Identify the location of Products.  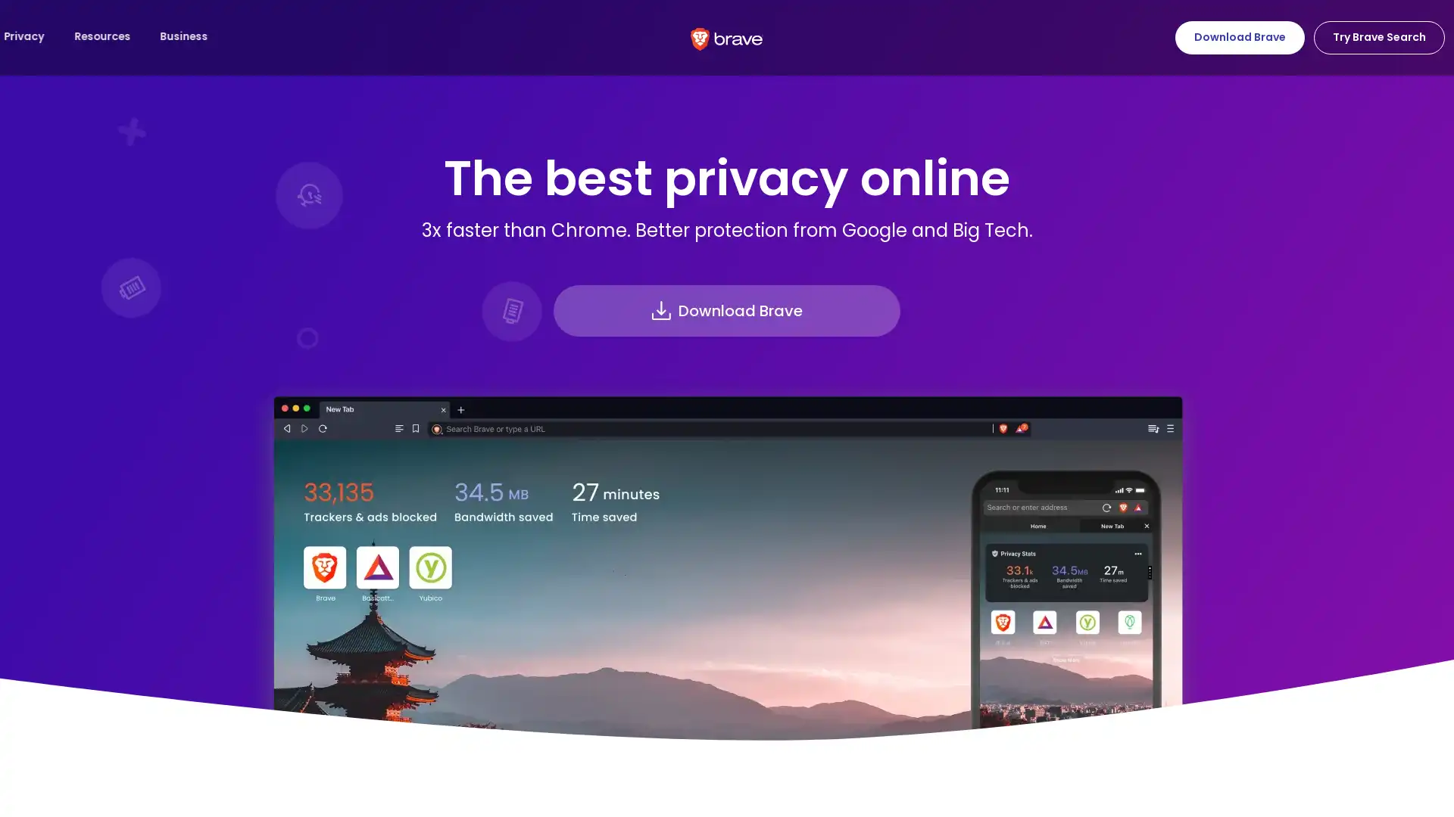
(121, 36).